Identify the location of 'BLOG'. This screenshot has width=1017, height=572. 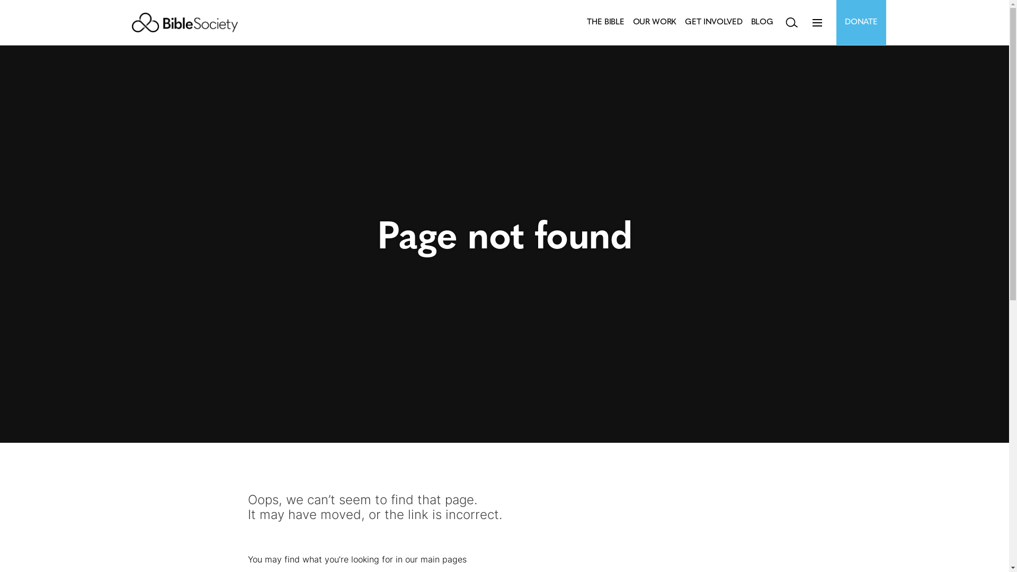
(762, 22).